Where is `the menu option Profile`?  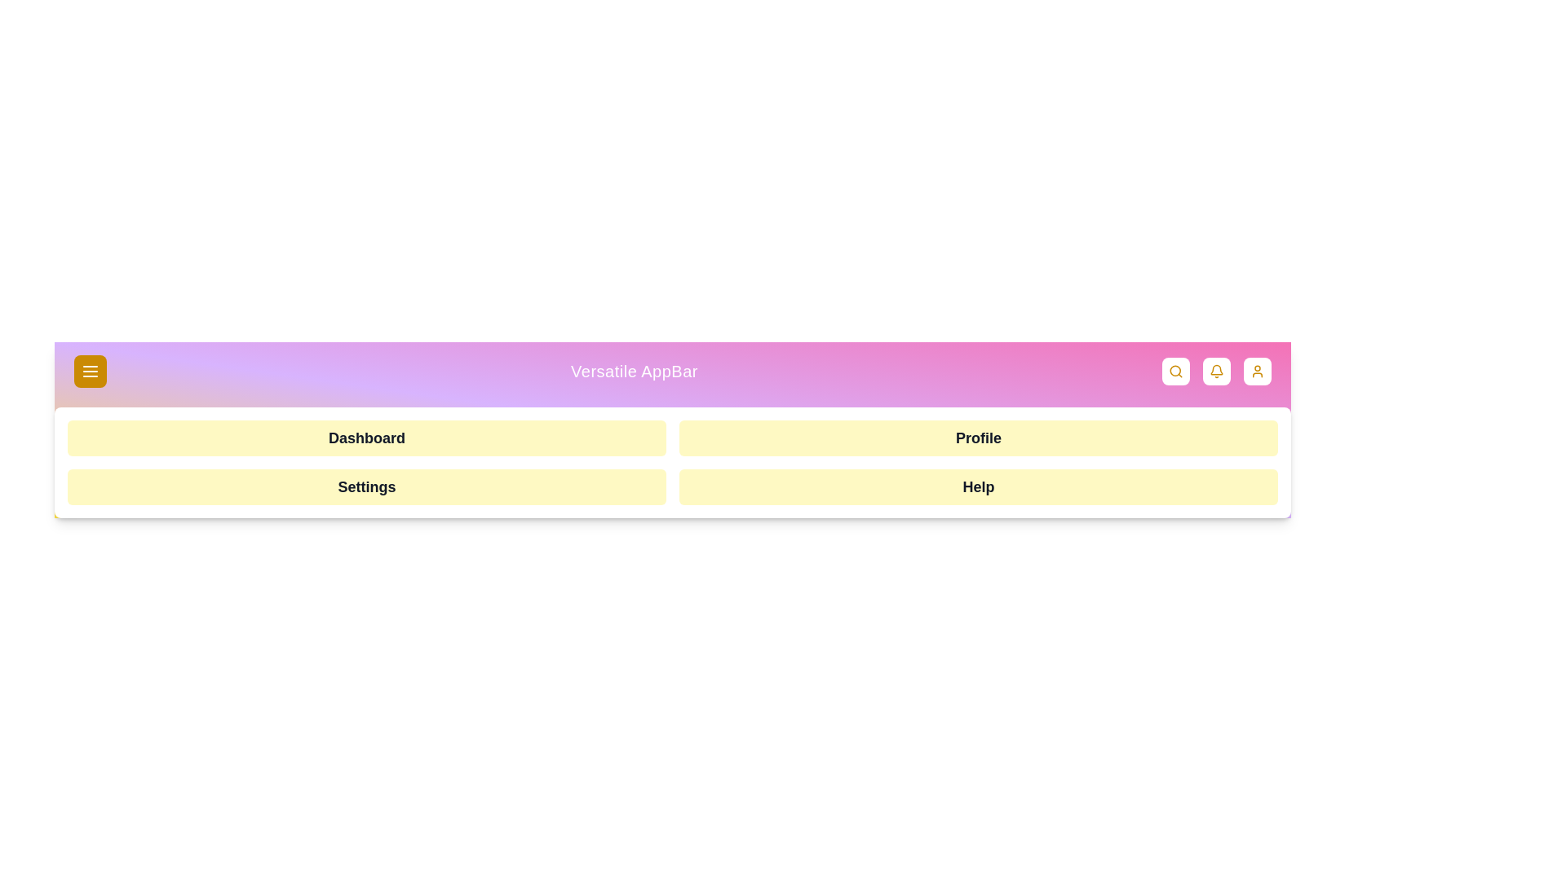
the menu option Profile is located at coordinates (979, 437).